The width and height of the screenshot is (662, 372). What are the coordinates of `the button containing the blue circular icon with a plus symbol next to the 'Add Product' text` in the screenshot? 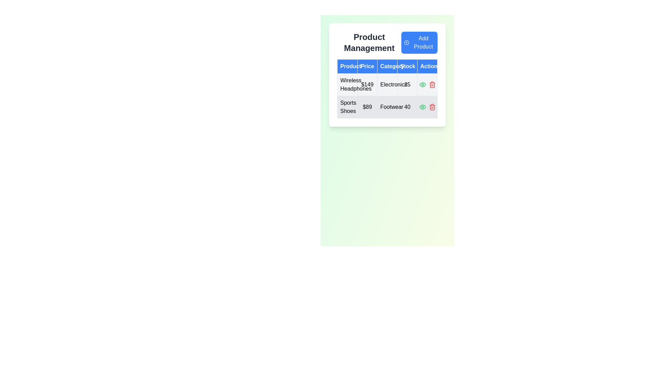 It's located at (407, 42).